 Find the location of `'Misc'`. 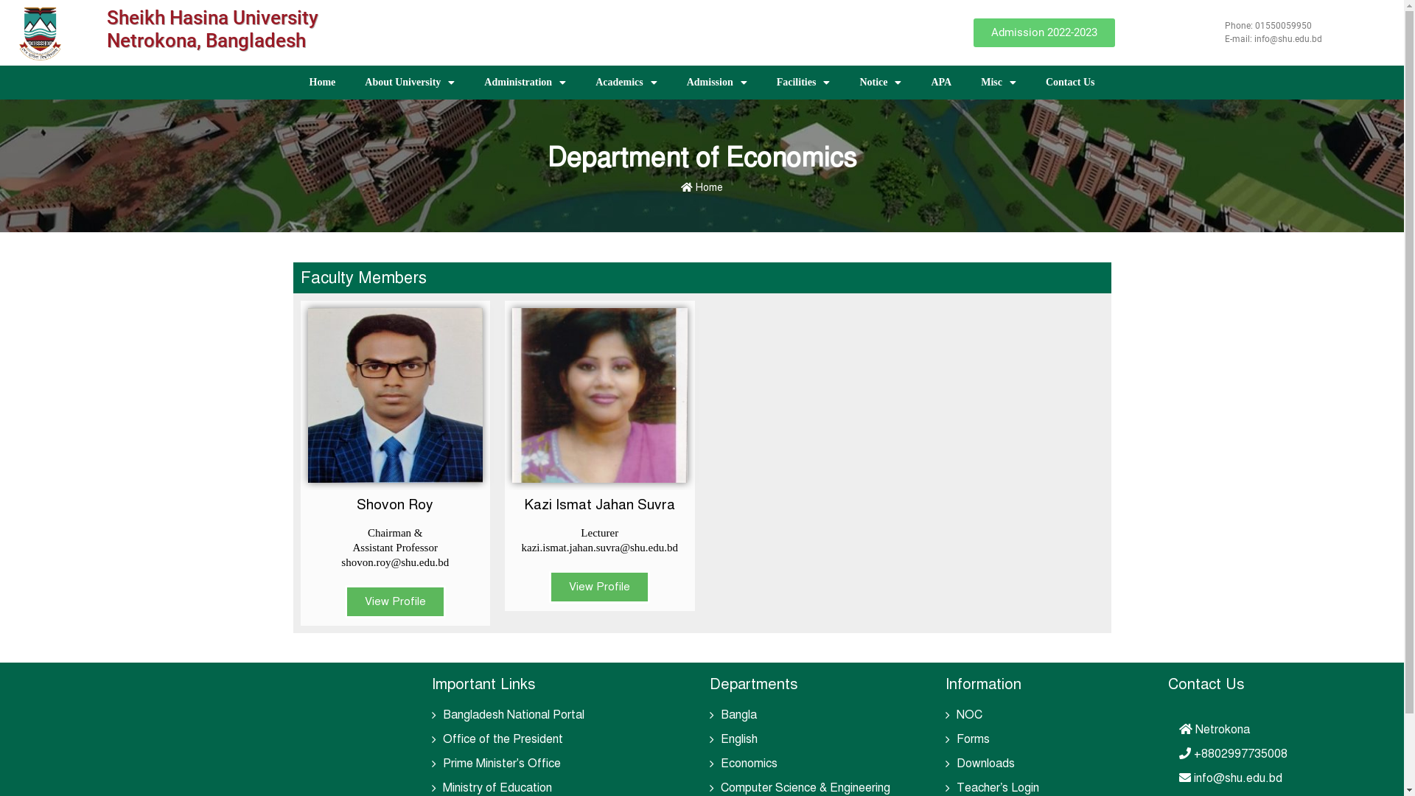

'Misc' is located at coordinates (998, 82).